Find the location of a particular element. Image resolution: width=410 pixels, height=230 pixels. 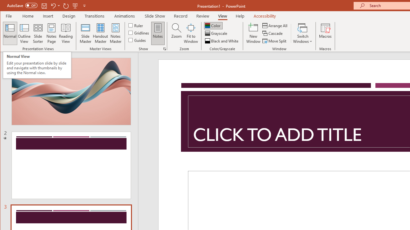

'Guides' is located at coordinates (137, 40).